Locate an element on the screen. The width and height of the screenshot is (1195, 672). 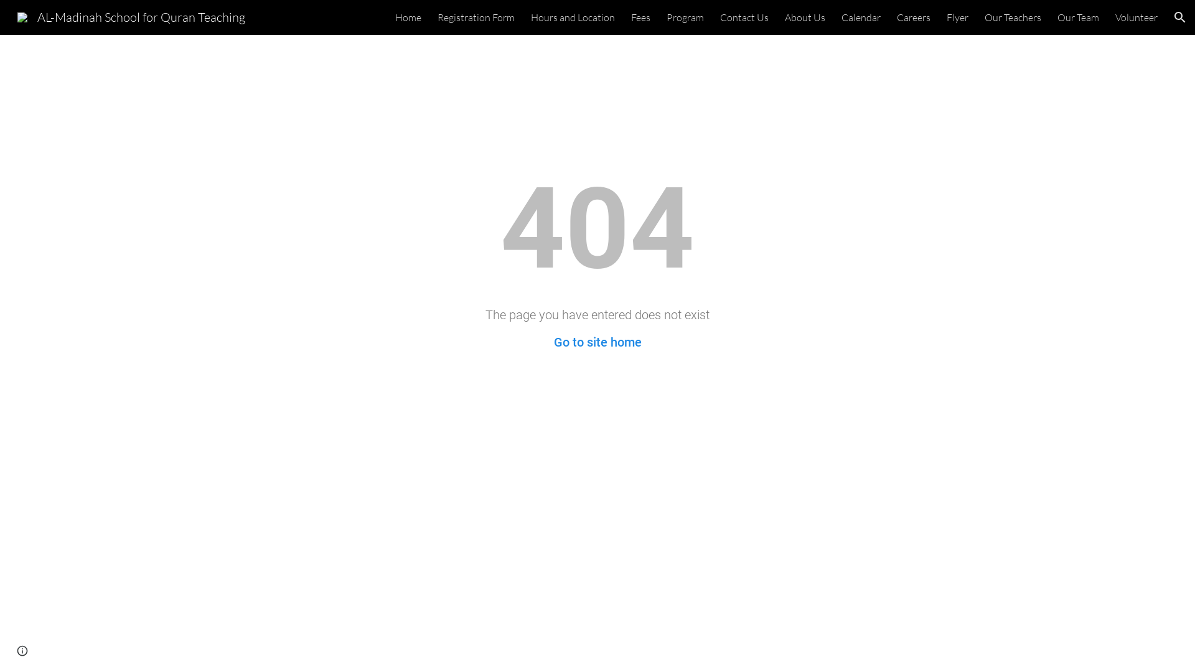
'Our Team' is located at coordinates (1057, 17).